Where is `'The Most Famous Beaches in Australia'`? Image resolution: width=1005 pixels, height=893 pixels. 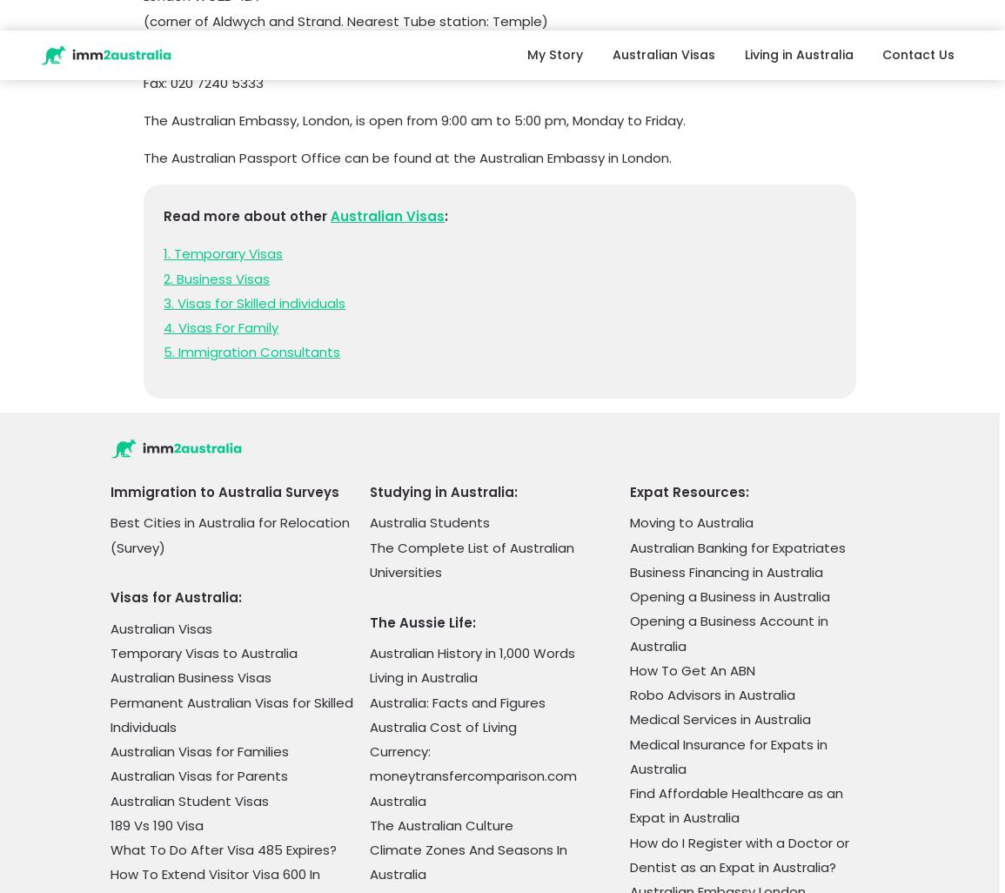 'The Most Famous Beaches in Australia' is located at coordinates (463, 355).